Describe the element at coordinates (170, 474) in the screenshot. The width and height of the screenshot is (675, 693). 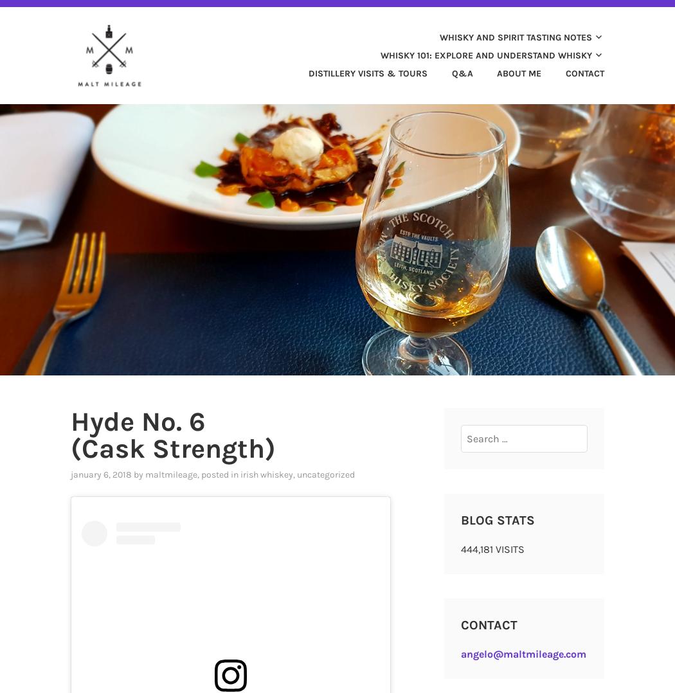
I see `'maltmileage'` at that location.